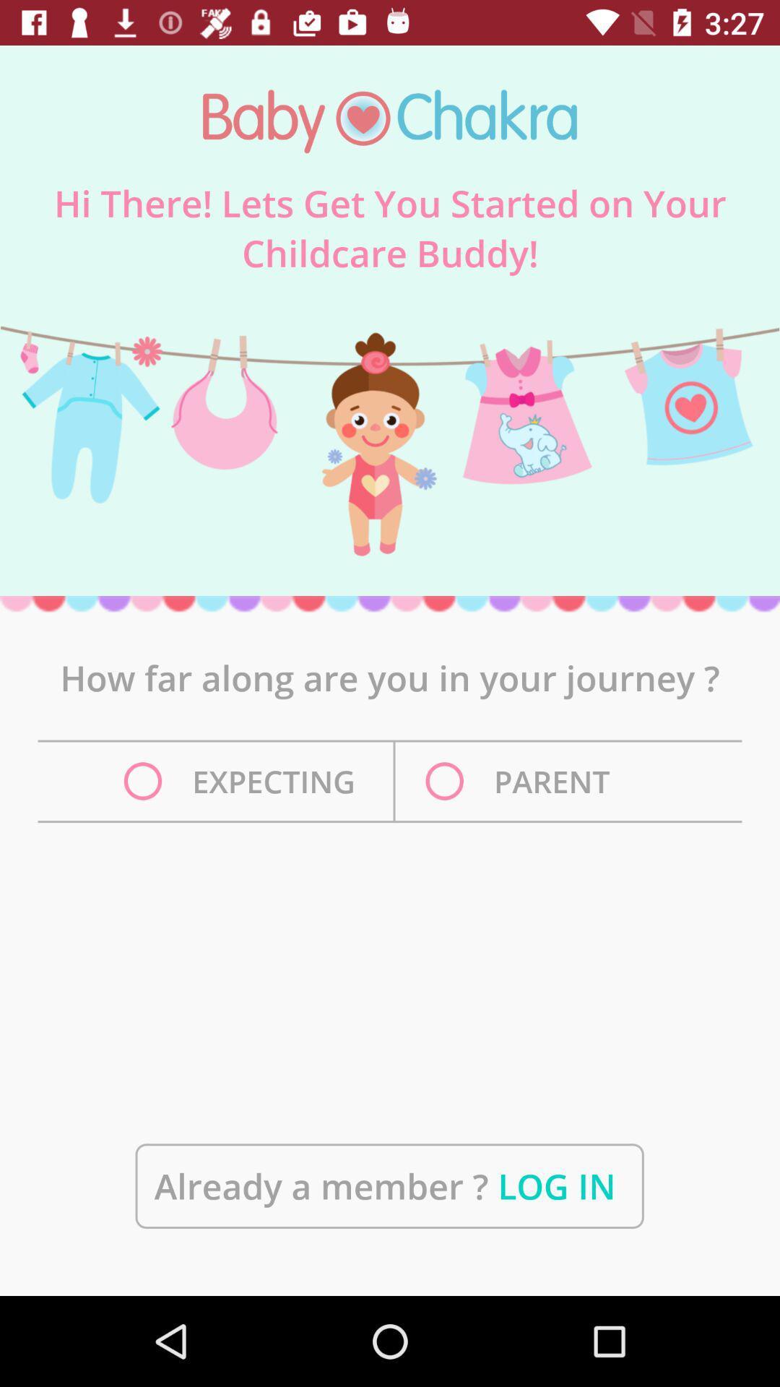  What do you see at coordinates (389, 1186) in the screenshot?
I see `the already a member` at bounding box center [389, 1186].